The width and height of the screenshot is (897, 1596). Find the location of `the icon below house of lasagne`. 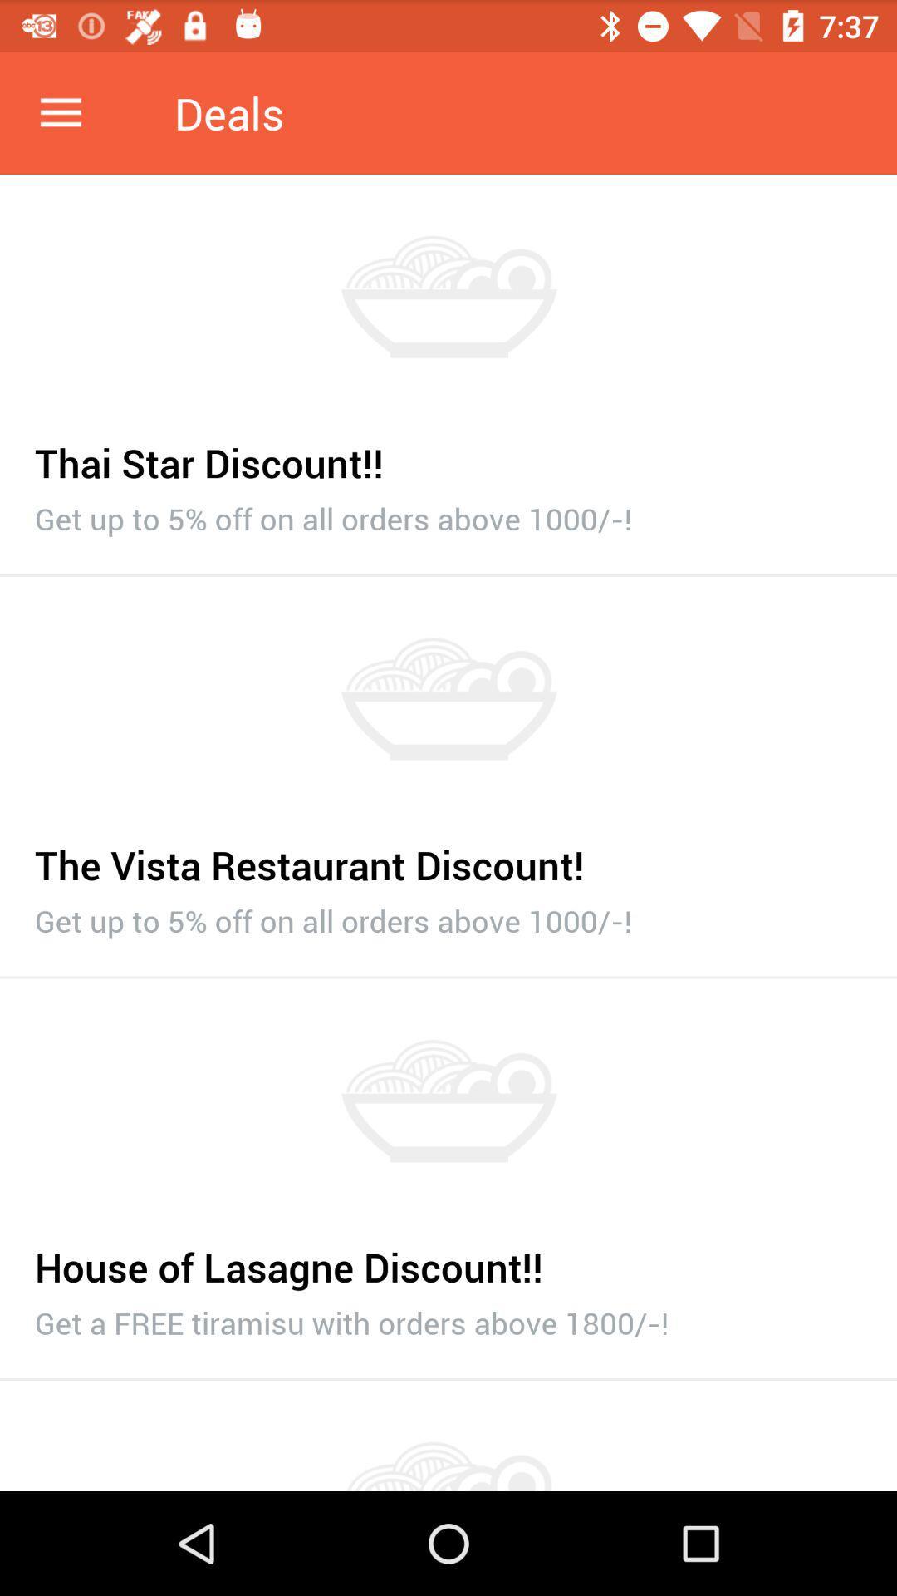

the icon below house of lasagne is located at coordinates (448, 1318).